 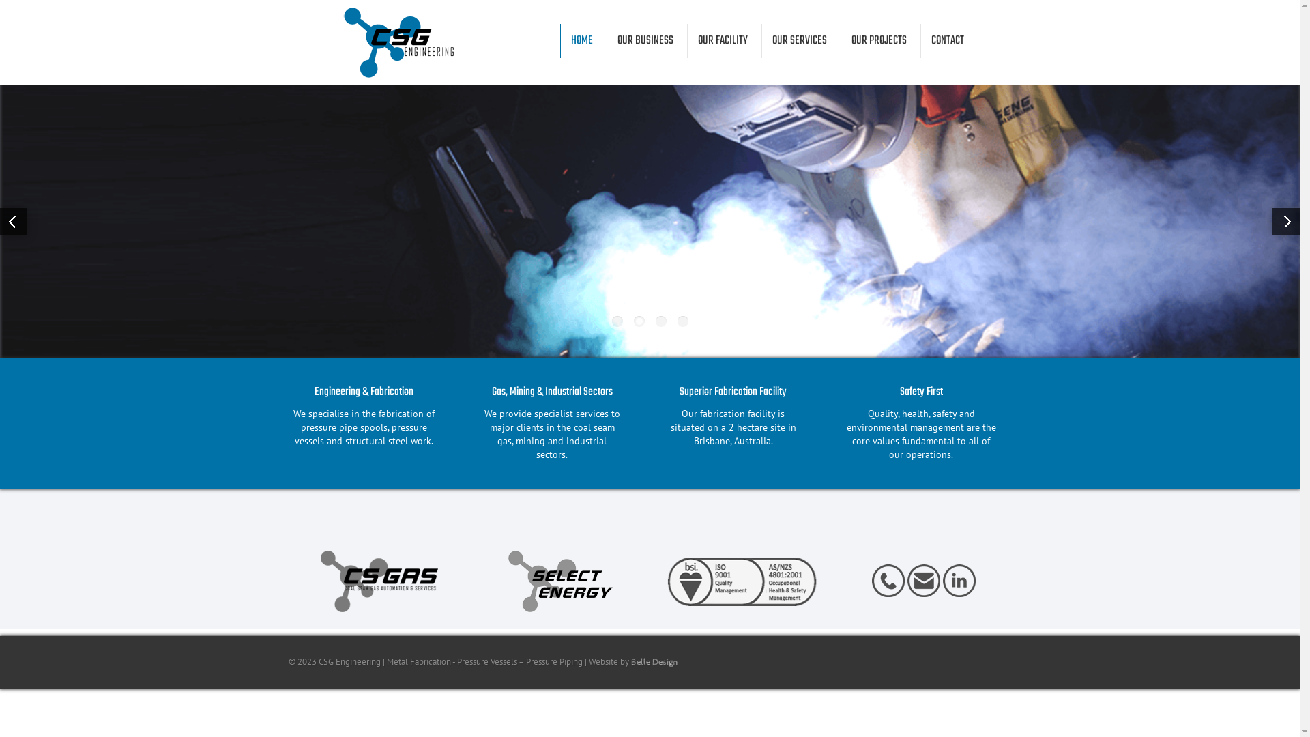 What do you see at coordinates (929, 40) in the screenshot?
I see `'CONTACT'` at bounding box center [929, 40].